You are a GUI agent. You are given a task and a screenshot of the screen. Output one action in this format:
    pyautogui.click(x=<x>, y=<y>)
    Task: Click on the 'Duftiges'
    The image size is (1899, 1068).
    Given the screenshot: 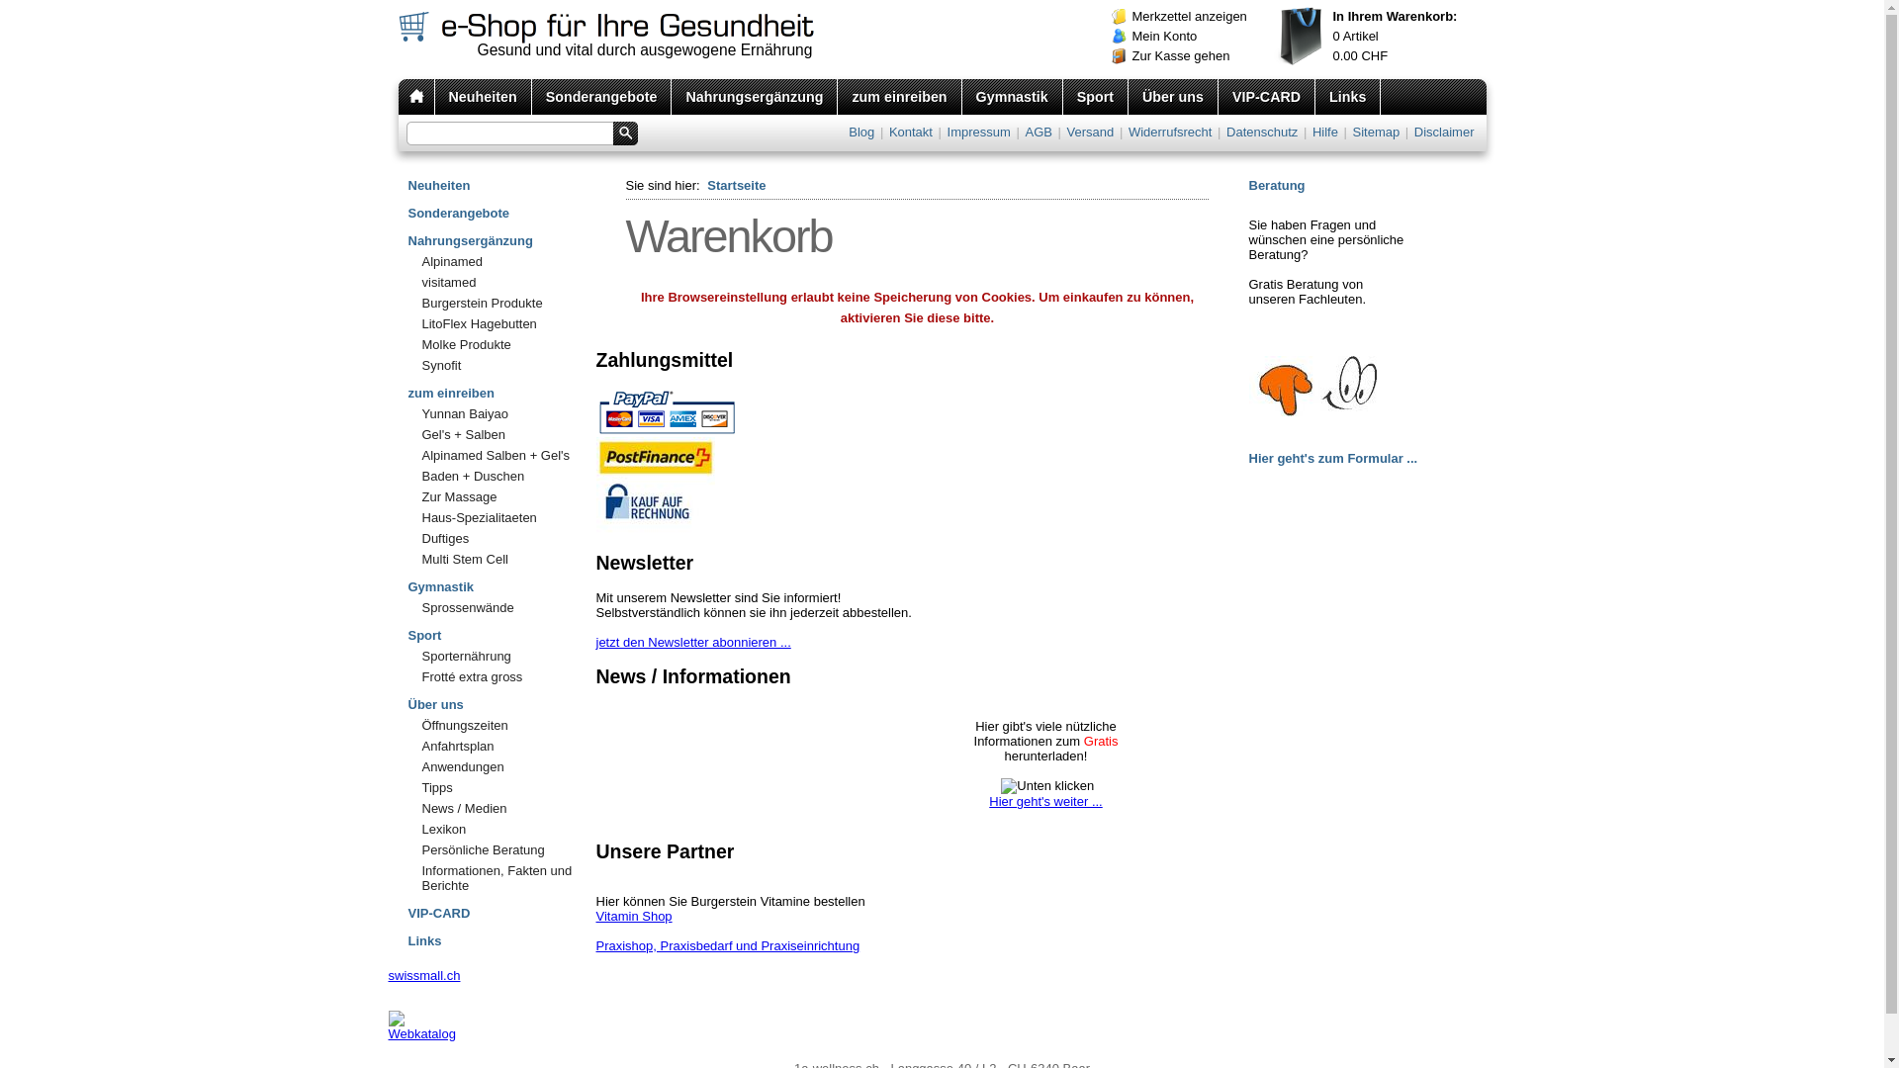 What is the action you would take?
    pyautogui.click(x=407, y=538)
    